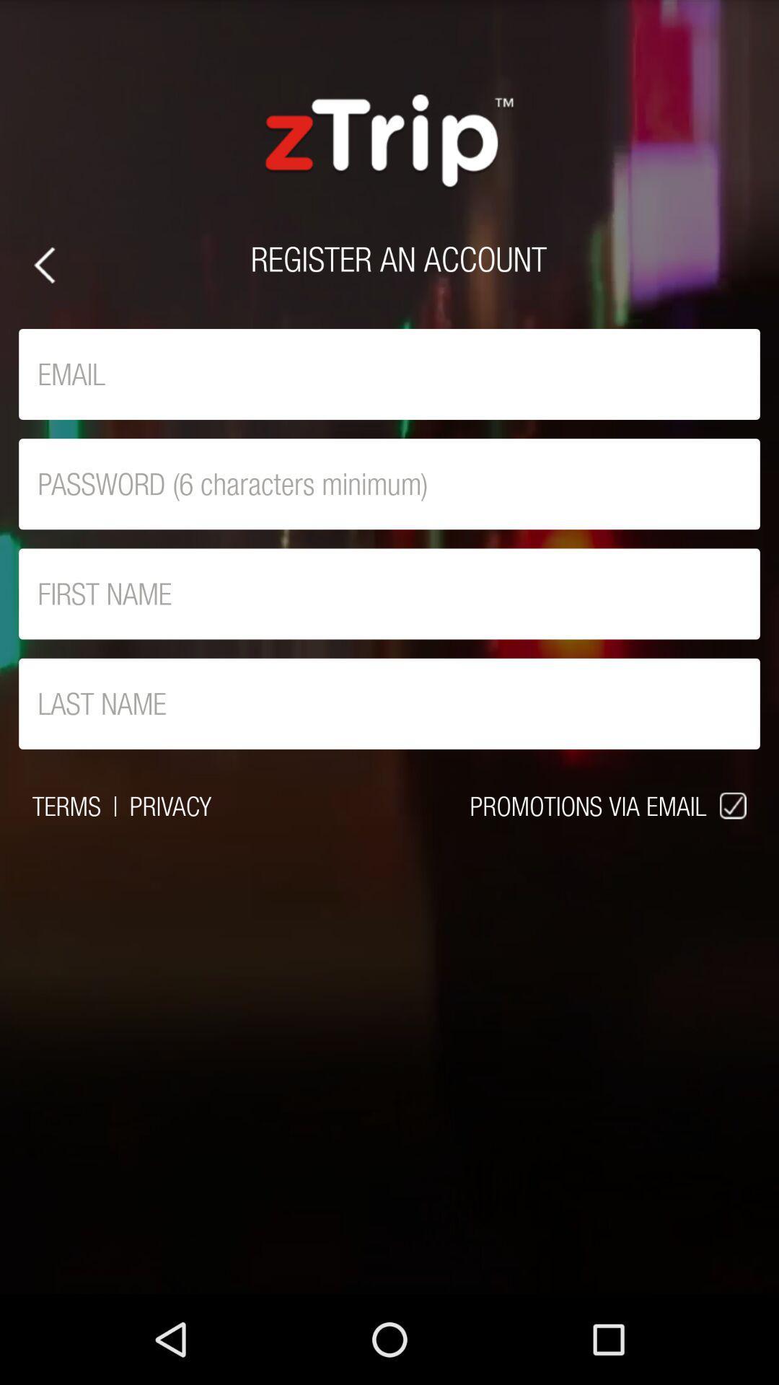  Describe the element at coordinates (43, 265) in the screenshot. I see `icon at the top left corner` at that location.